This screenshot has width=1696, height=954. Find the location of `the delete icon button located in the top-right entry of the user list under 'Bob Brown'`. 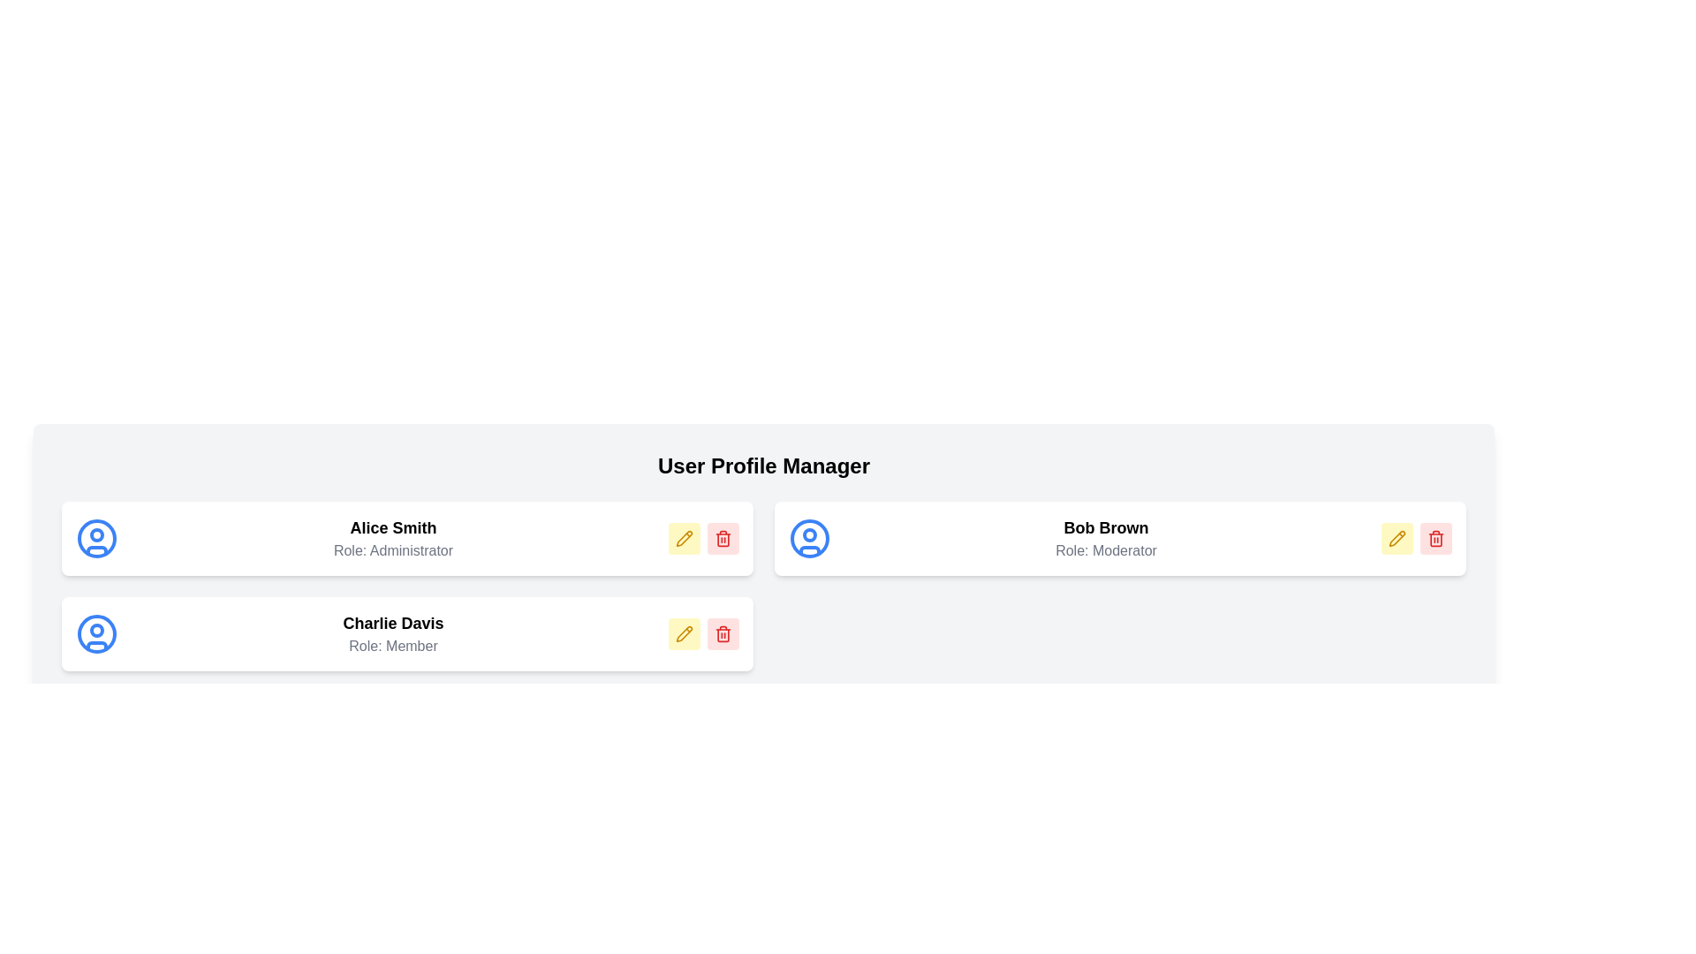

the delete icon button located in the top-right entry of the user list under 'Bob Brown' is located at coordinates (1436, 537).